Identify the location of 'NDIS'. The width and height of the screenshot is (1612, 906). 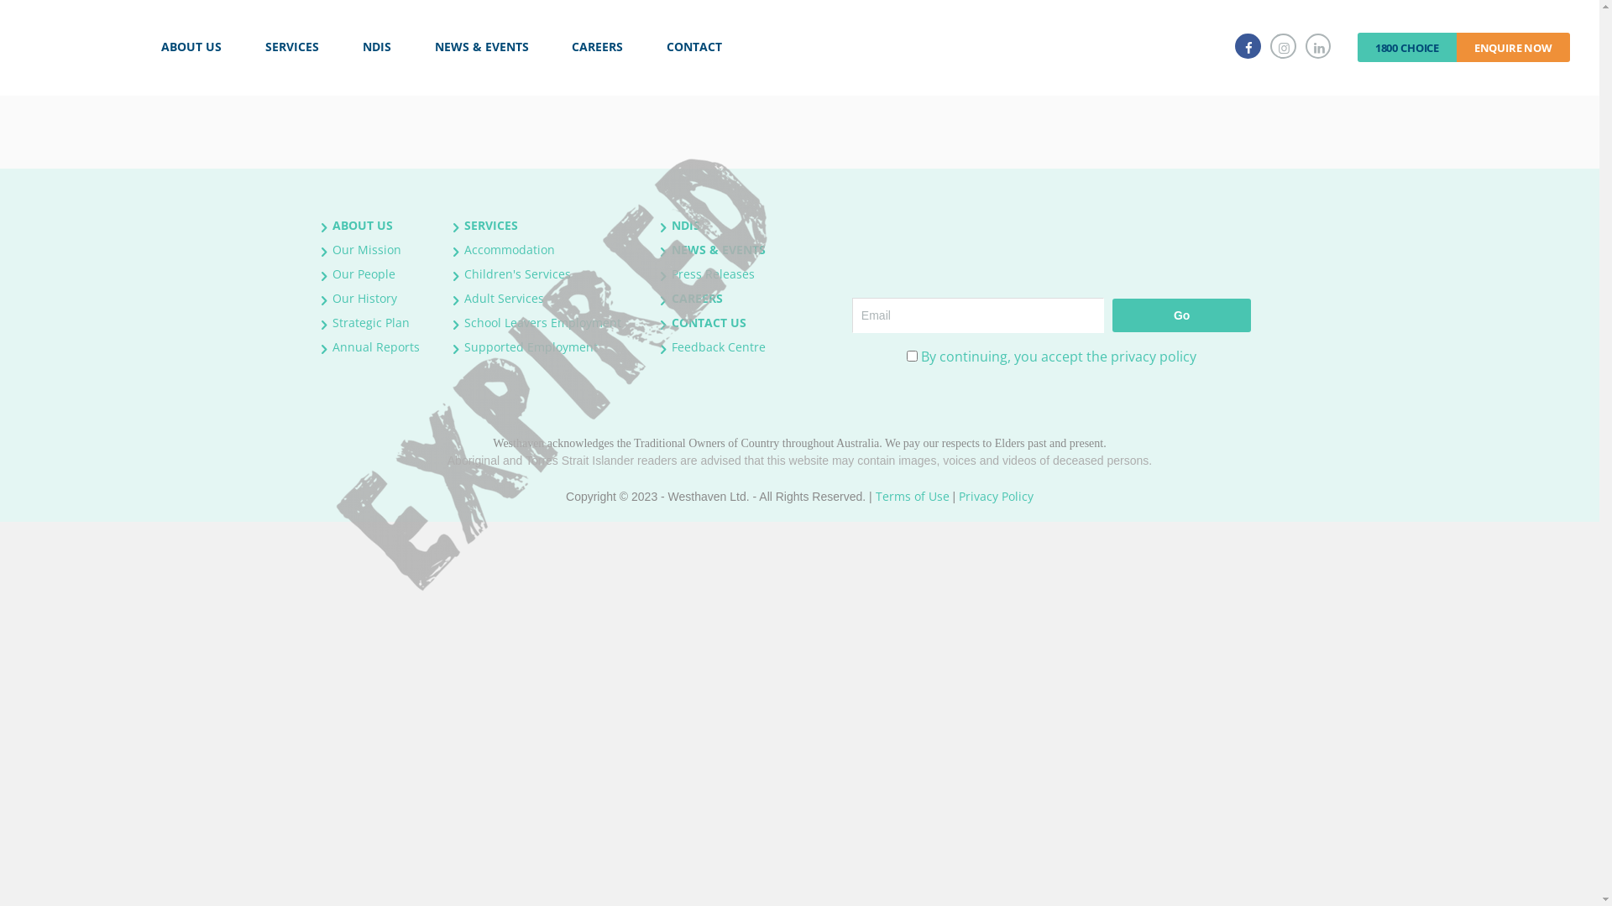
(376, 46).